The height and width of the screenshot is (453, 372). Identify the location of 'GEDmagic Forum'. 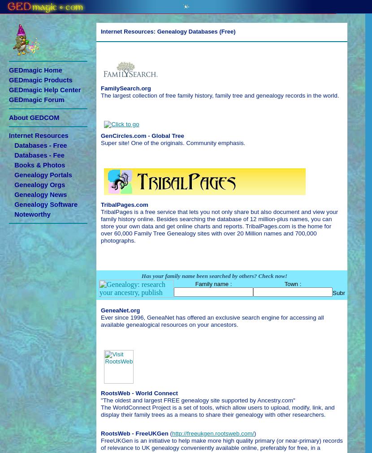
(36, 100).